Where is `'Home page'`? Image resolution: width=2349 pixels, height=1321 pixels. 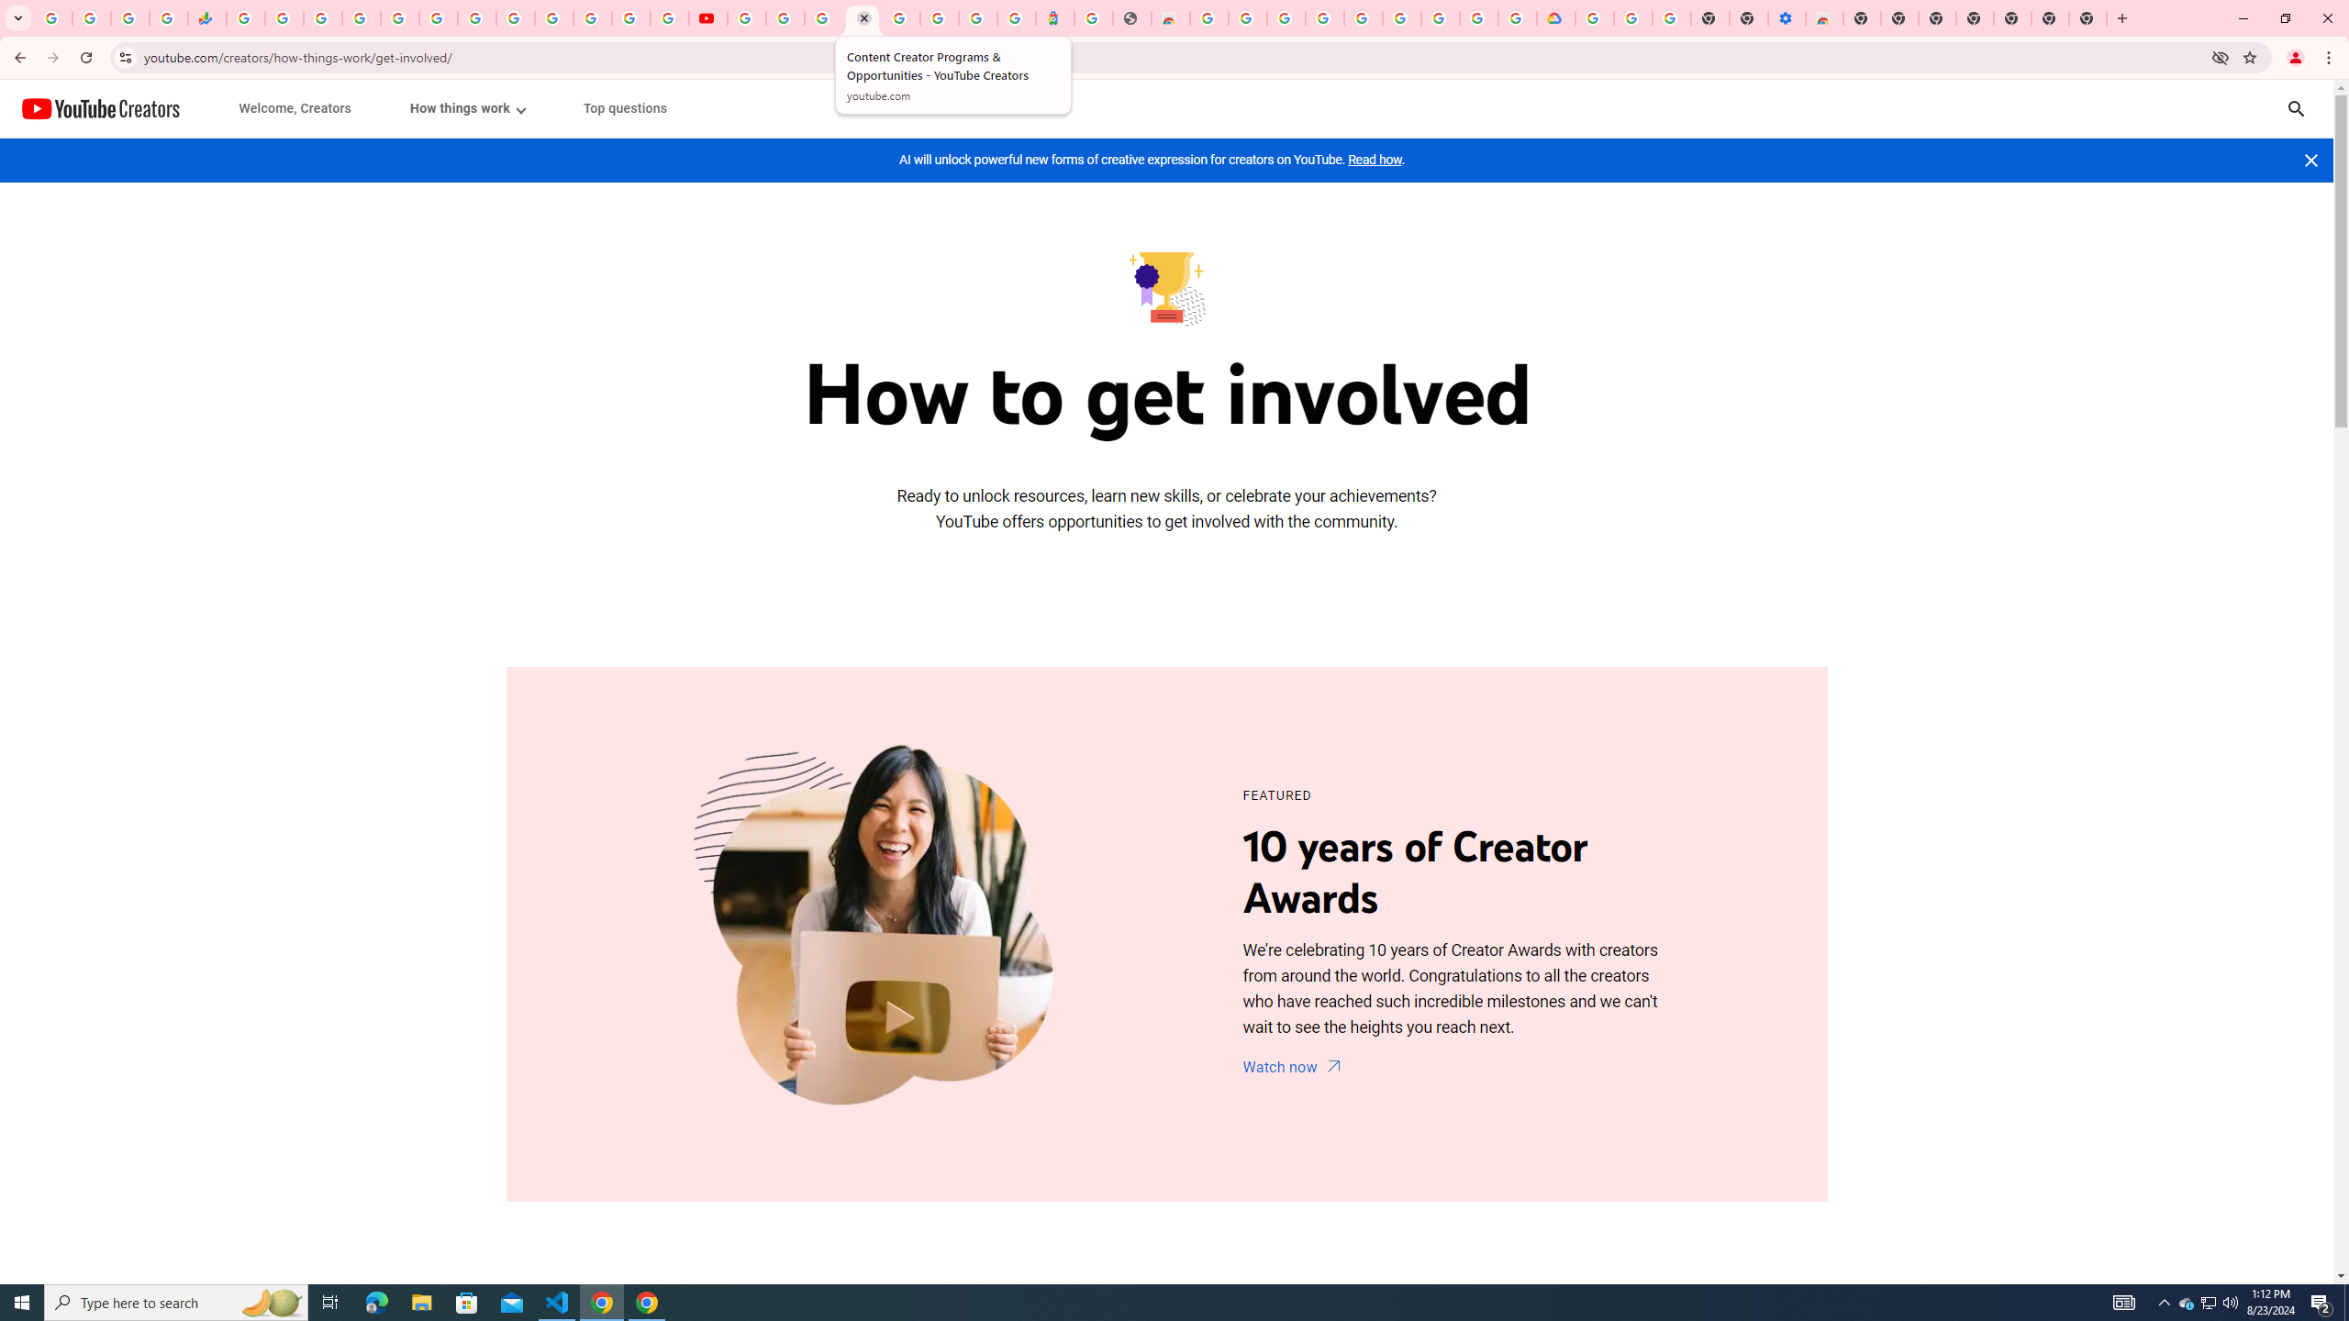 'Home page' is located at coordinates (101, 108).